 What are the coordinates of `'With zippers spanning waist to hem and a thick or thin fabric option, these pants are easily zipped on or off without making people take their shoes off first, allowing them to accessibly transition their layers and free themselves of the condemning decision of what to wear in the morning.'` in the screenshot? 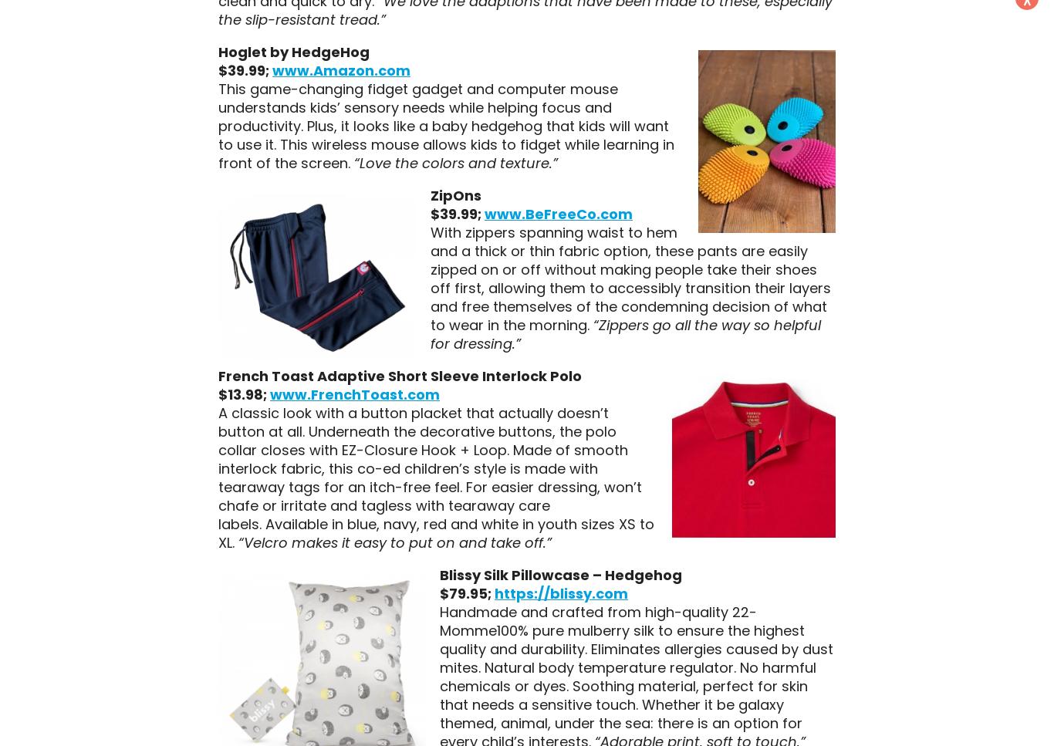 It's located at (629, 277).